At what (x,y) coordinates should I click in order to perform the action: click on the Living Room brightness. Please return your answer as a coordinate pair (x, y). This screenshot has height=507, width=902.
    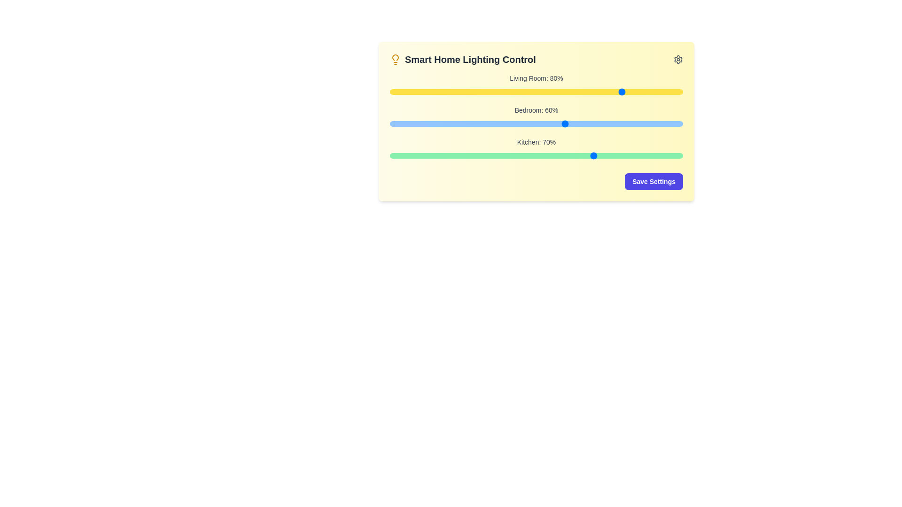
    Looking at the image, I should click on (498, 92).